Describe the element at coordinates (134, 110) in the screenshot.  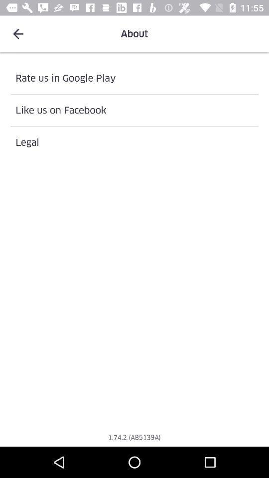
I see `the item above the legal item` at that location.